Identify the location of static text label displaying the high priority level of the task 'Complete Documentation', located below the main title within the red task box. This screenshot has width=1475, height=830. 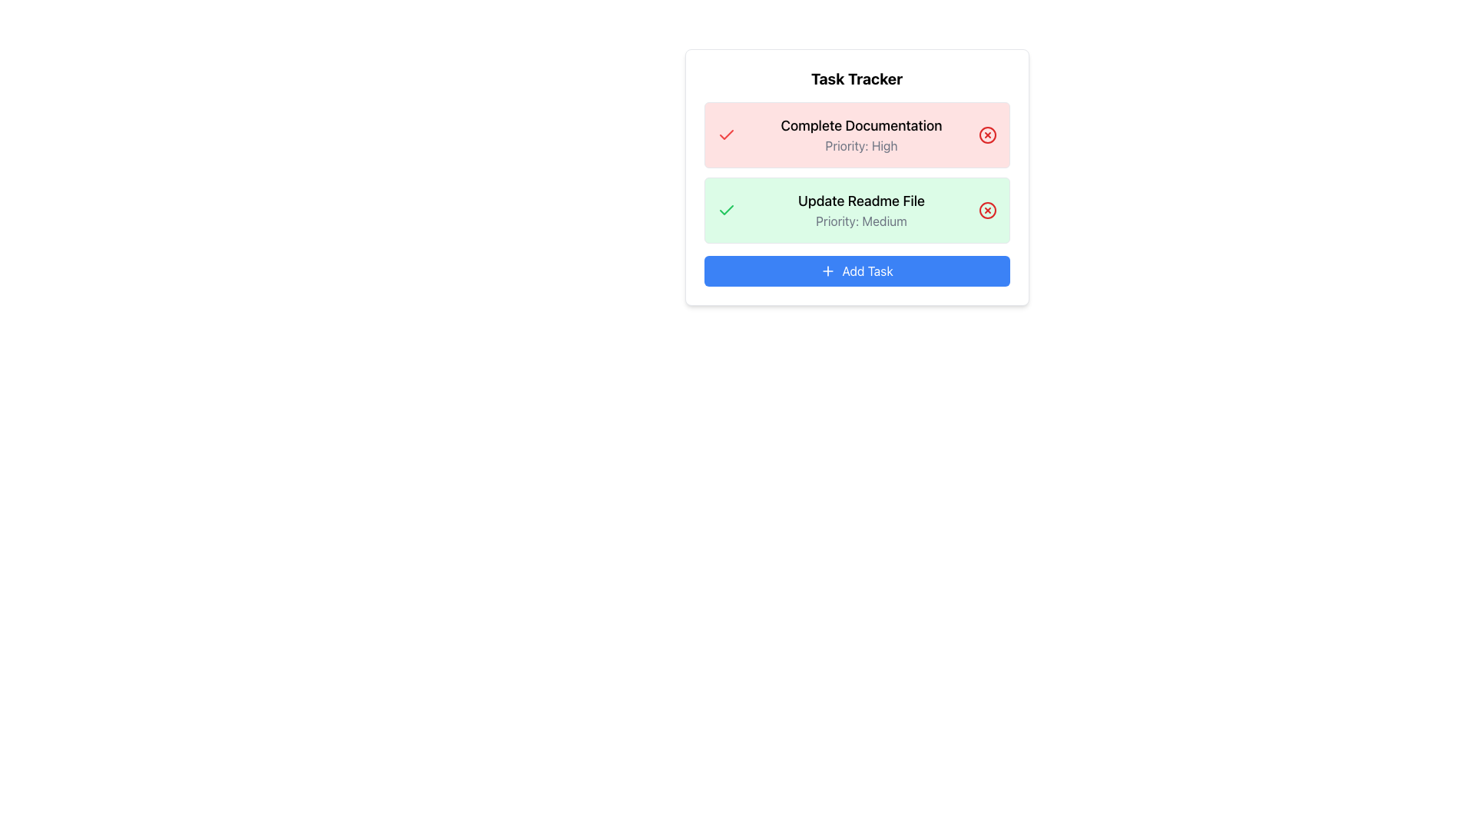
(861, 145).